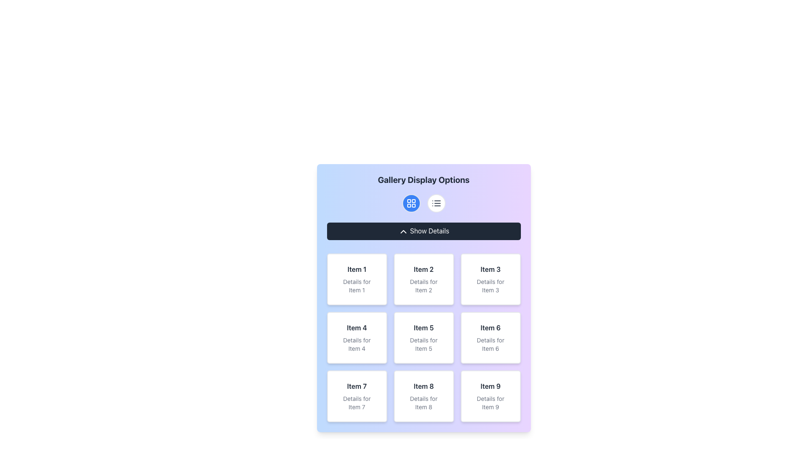  I want to click on the Static Text Label located in the first position of the second row of grid items, which identifies the associated gallery item above 'Details for Item 4', so click(357, 327).